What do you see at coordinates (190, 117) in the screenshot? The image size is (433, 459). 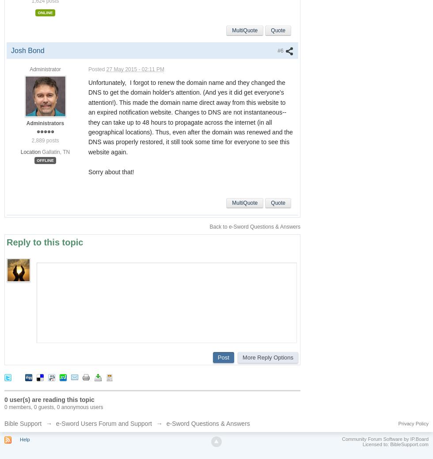 I see `'Unfortunately,  I forgot to renew the domain name and they changed the DNS to get the domain holder's attention. (And yes it did get everyone's attention!). This made the domain name direct away from this website to an expired notification website. Changes to DNS are not instantaneous--they can take up to 48 hours to propagate across the internet (in all geographical locations). Thus, even after the domain was renewed and the DNS was properly restored, it still took some time for everyone to see this website again.'` at bounding box center [190, 117].